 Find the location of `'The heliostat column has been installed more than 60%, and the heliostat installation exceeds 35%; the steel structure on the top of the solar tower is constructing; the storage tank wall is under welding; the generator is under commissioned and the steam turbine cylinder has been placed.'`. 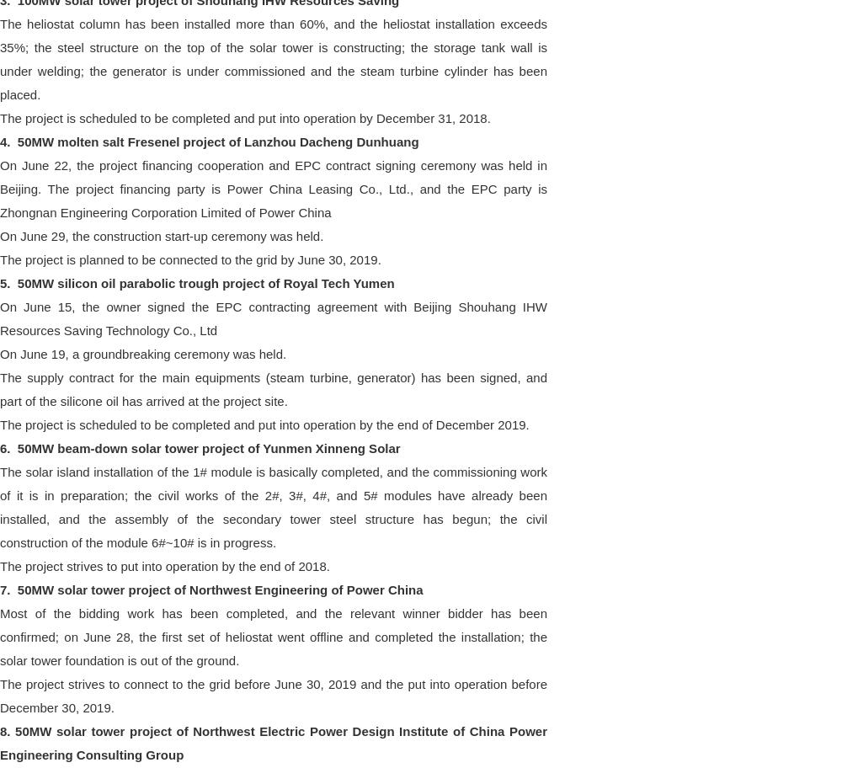

'The heliostat column has been installed more than 60%, and the heliostat installation exceeds 35%; the steel structure on the top of the solar tower is constructing; the storage tank wall is under welding; the generator is under commissioned and the steam turbine cylinder has been placed.' is located at coordinates (273, 57).